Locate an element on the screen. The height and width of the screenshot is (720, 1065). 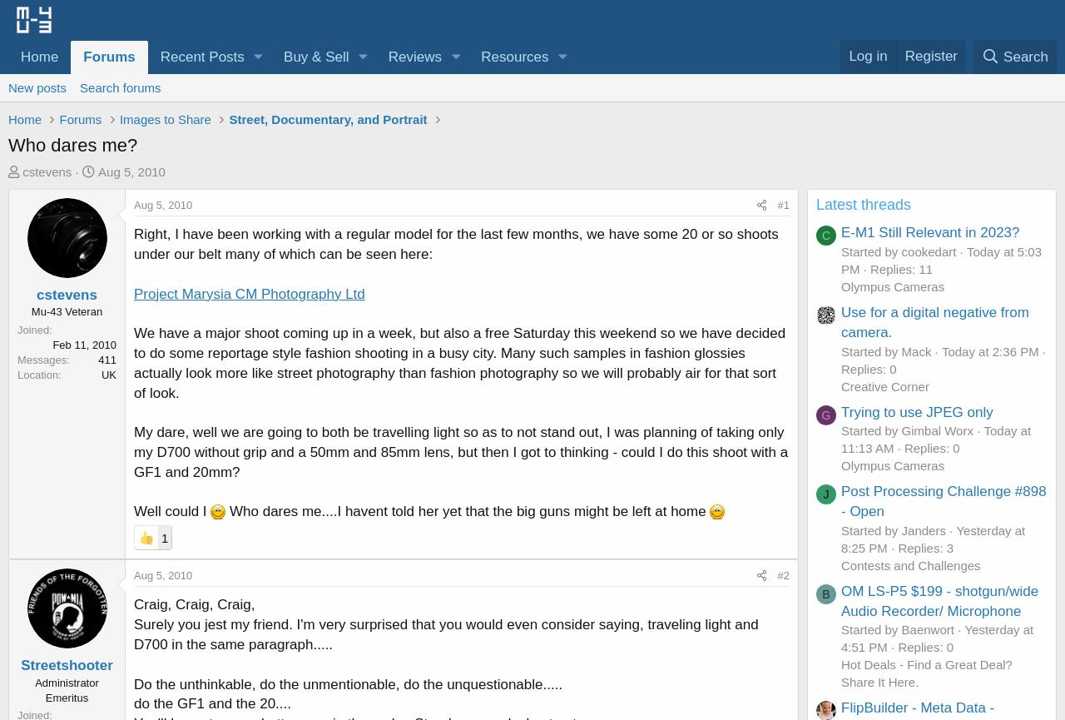
'Resources' is located at coordinates (480, 57).